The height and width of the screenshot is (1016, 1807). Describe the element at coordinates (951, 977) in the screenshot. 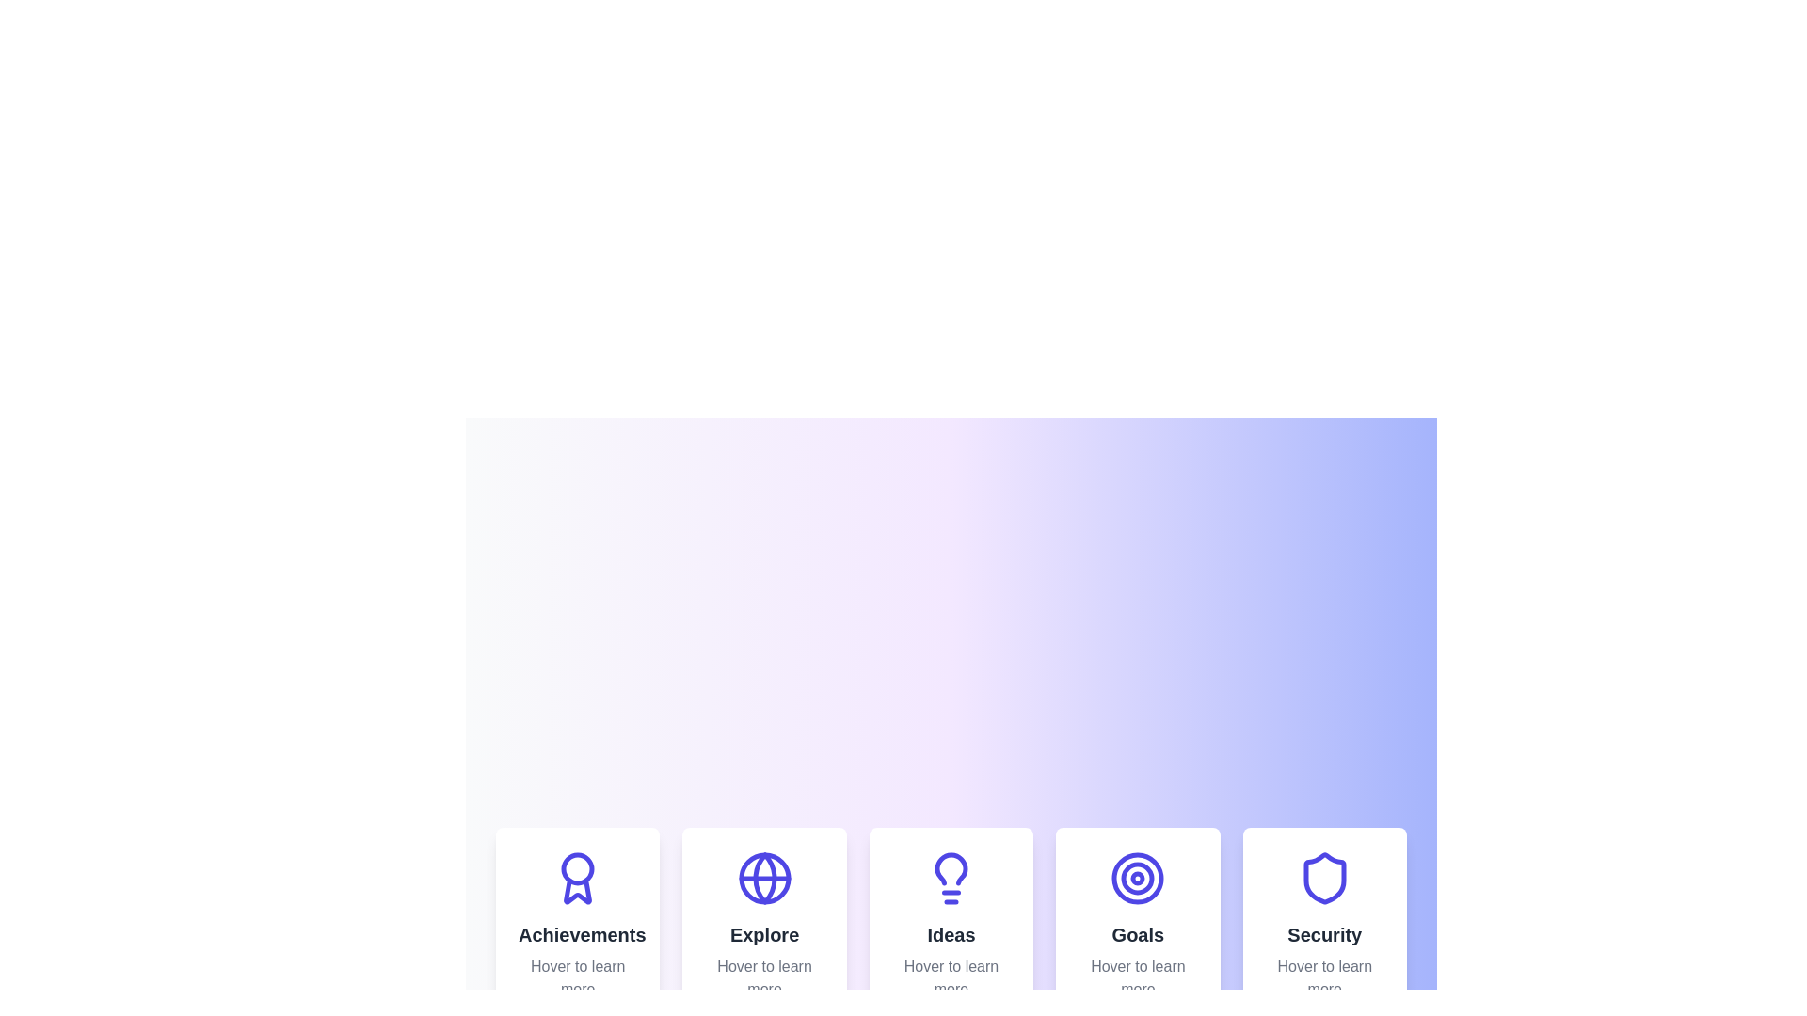

I see `the informational text within the 'Ideas' card, located beneath the bold title 'Ideas' and below the lightbulb icon` at that location.